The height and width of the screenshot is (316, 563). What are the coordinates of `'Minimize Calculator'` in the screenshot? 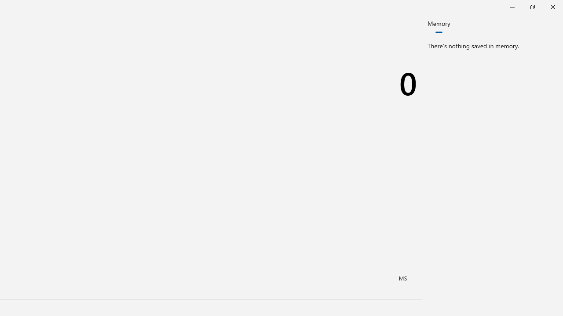 It's located at (512, 7).